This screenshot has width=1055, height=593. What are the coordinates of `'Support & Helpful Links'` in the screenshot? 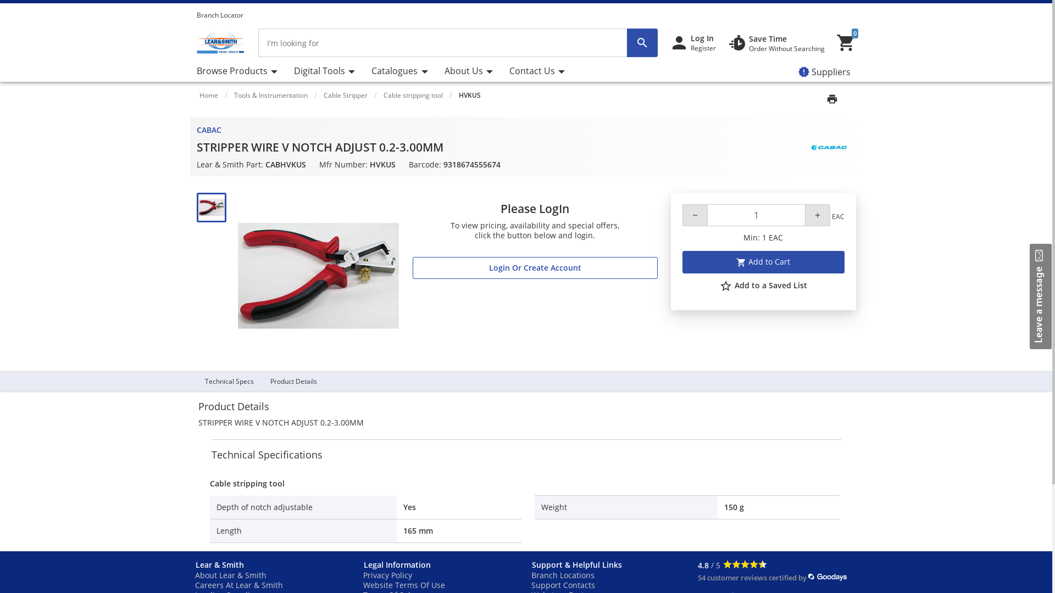 It's located at (609, 565).